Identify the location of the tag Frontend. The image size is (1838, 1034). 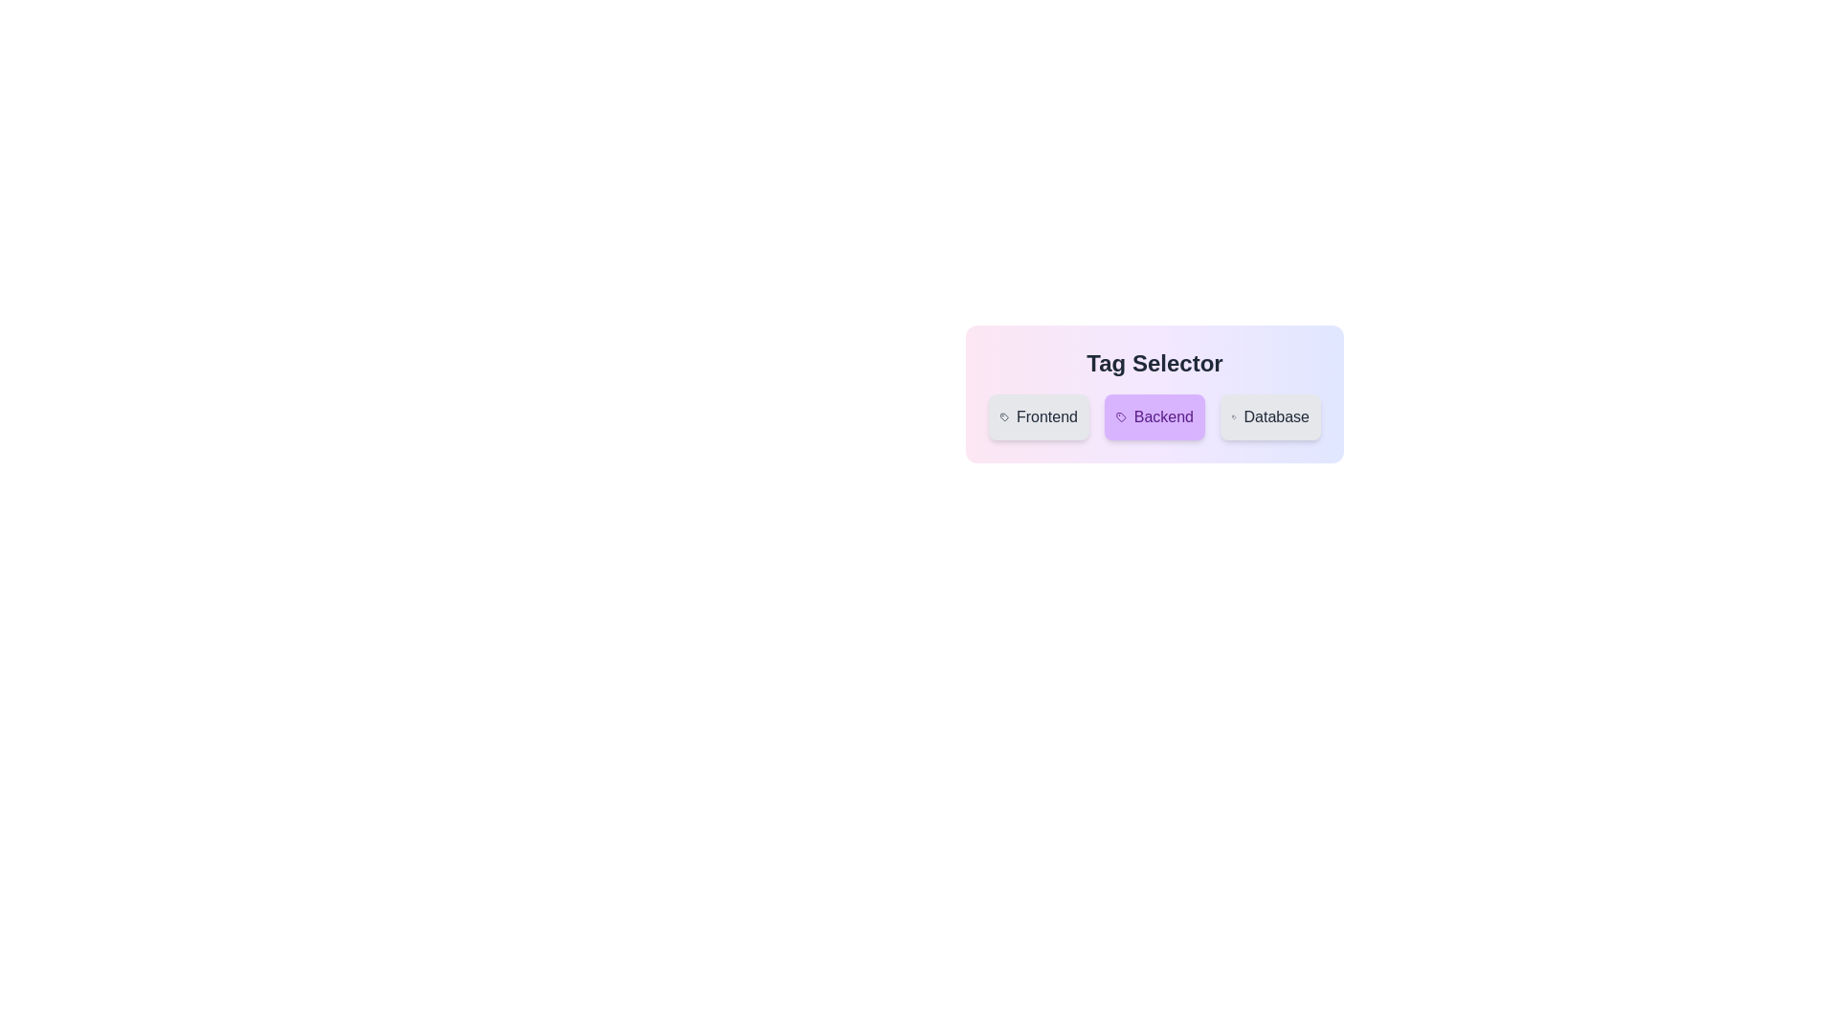
(1038, 416).